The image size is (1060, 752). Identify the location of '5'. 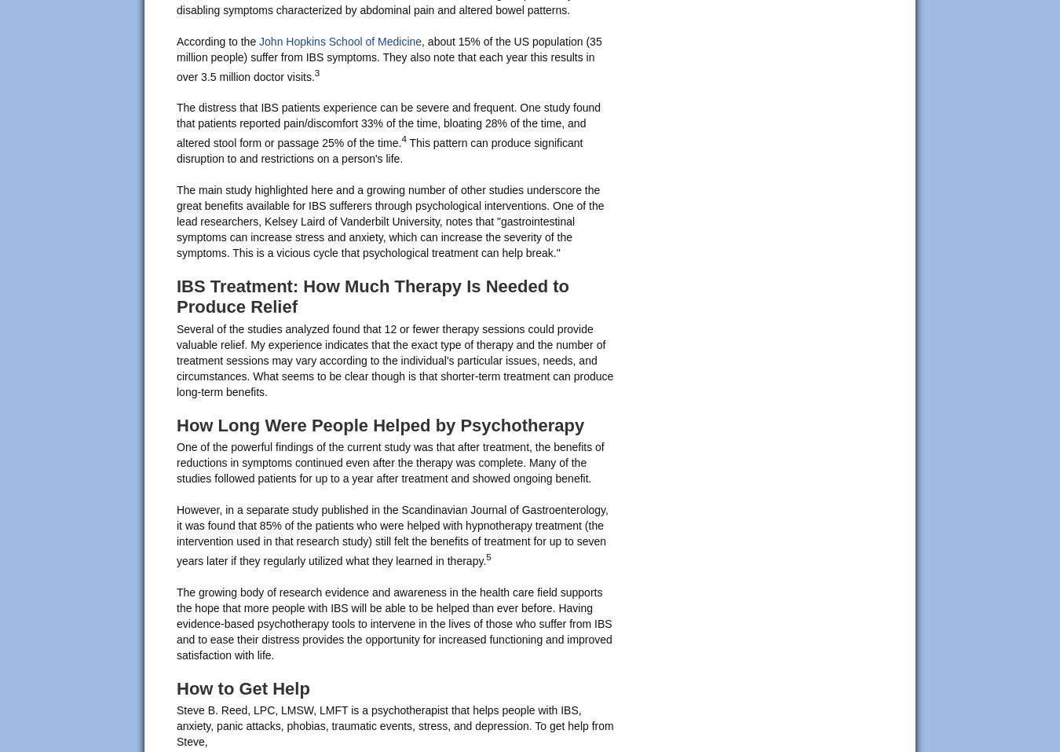
(488, 556).